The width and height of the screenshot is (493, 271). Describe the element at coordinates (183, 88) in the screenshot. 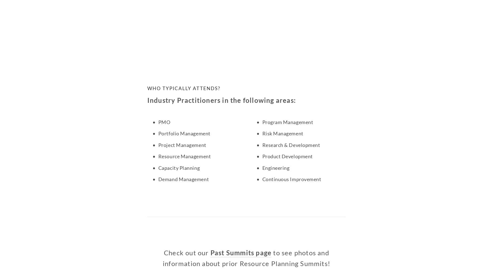

I see `'Who typically Attends?'` at that location.